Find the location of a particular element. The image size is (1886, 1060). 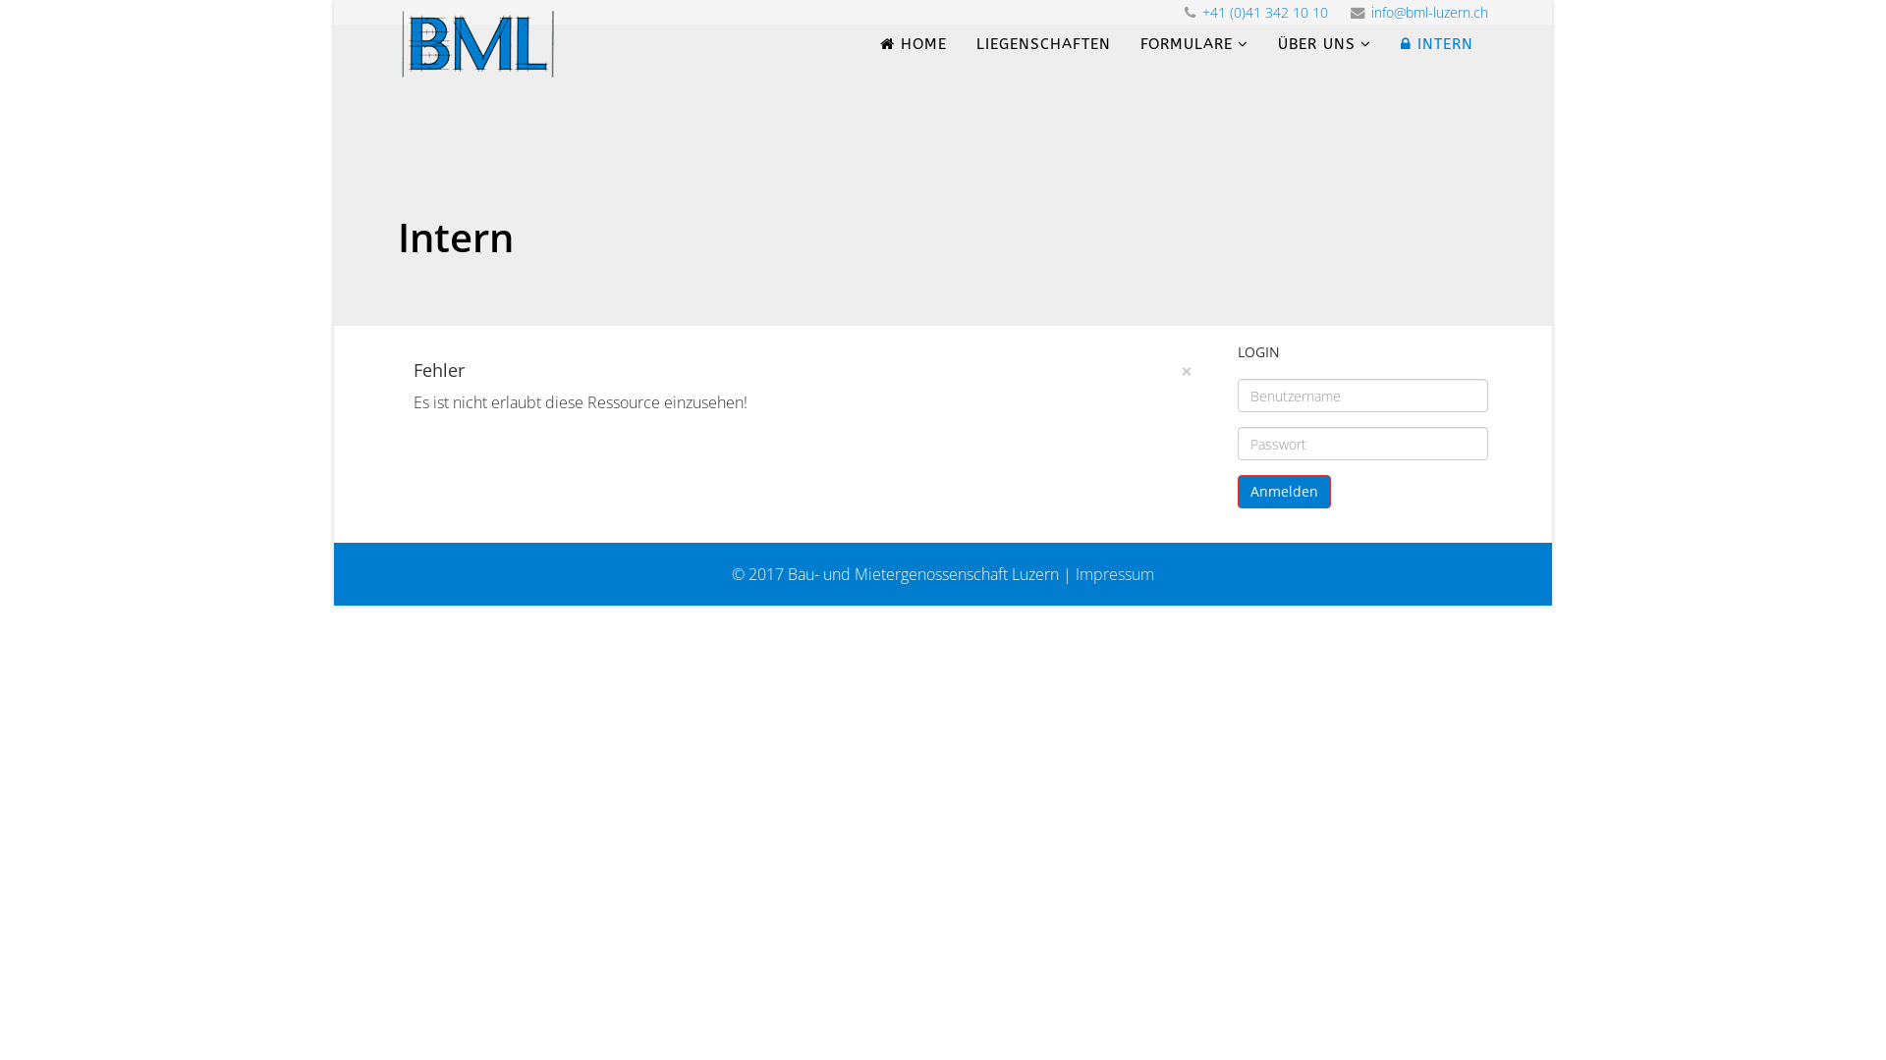

'INTERN' is located at coordinates (1437, 44).